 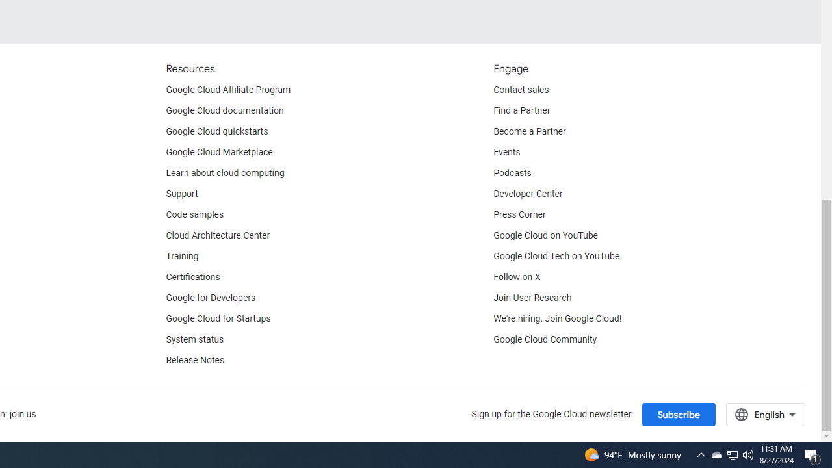 What do you see at coordinates (516, 276) in the screenshot?
I see `'Follow on X'` at bounding box center [516, 276].